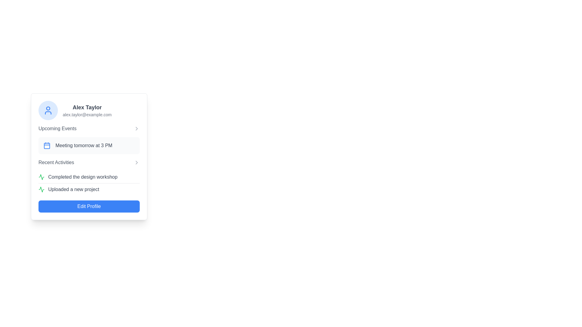 The width and height of the screenshot is (582, 327). What do you see at coordinates (83, 146) in the screenshot?
I see `the text label displaying 'Meeting tomorrow at 3 PM', which is styled in gray and located under the 'Upcoming Events' section, next to a calendar icon` at bounding box center [83, 146].